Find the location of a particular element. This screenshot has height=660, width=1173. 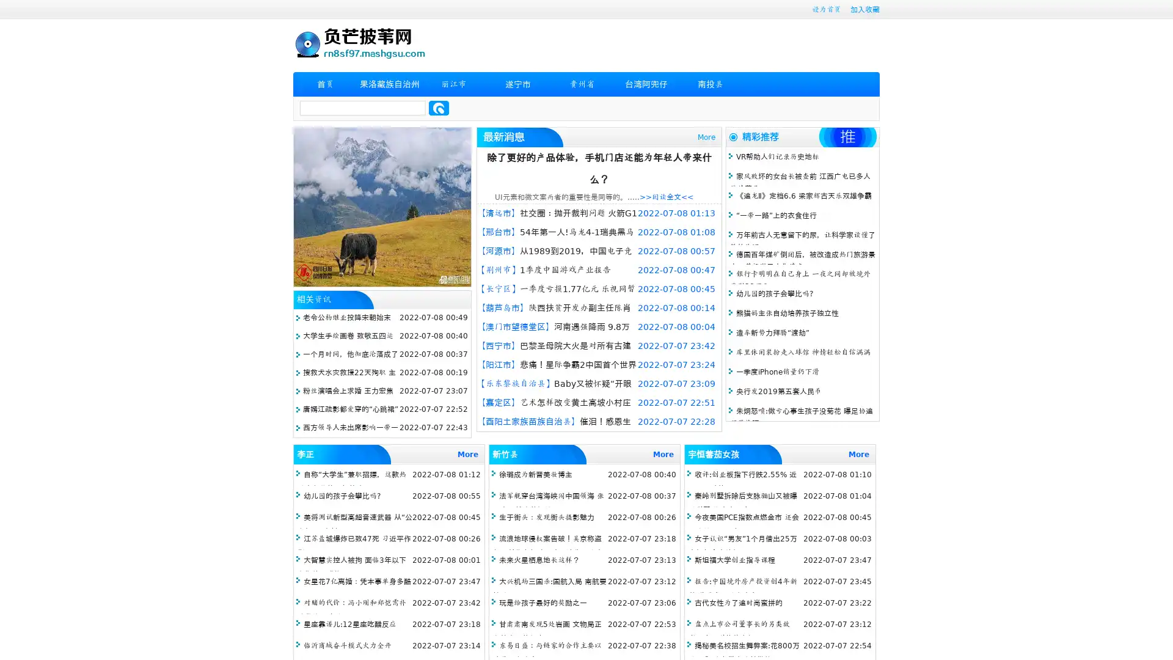

Search is located at coordinates (439, 108).